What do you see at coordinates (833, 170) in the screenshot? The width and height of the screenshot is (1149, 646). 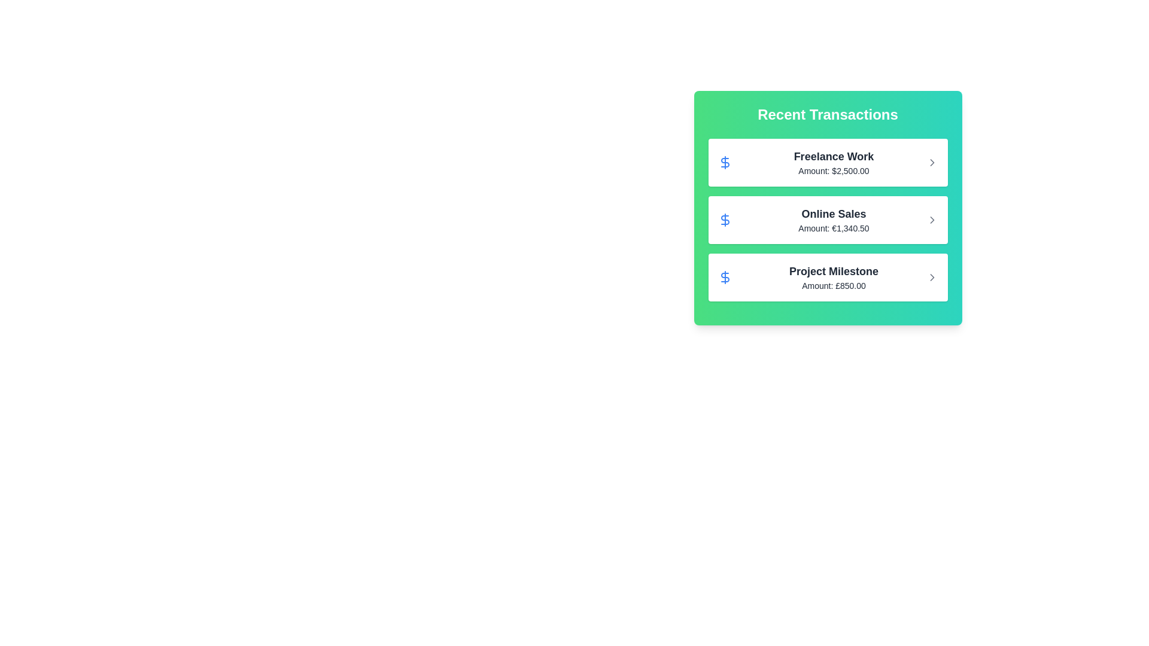 I see `the static text displaying the amount '$2,500.00' located beneath the 'Freelance Work' text in the 'Recent Transactions' section` at bounding box center [833, 170].